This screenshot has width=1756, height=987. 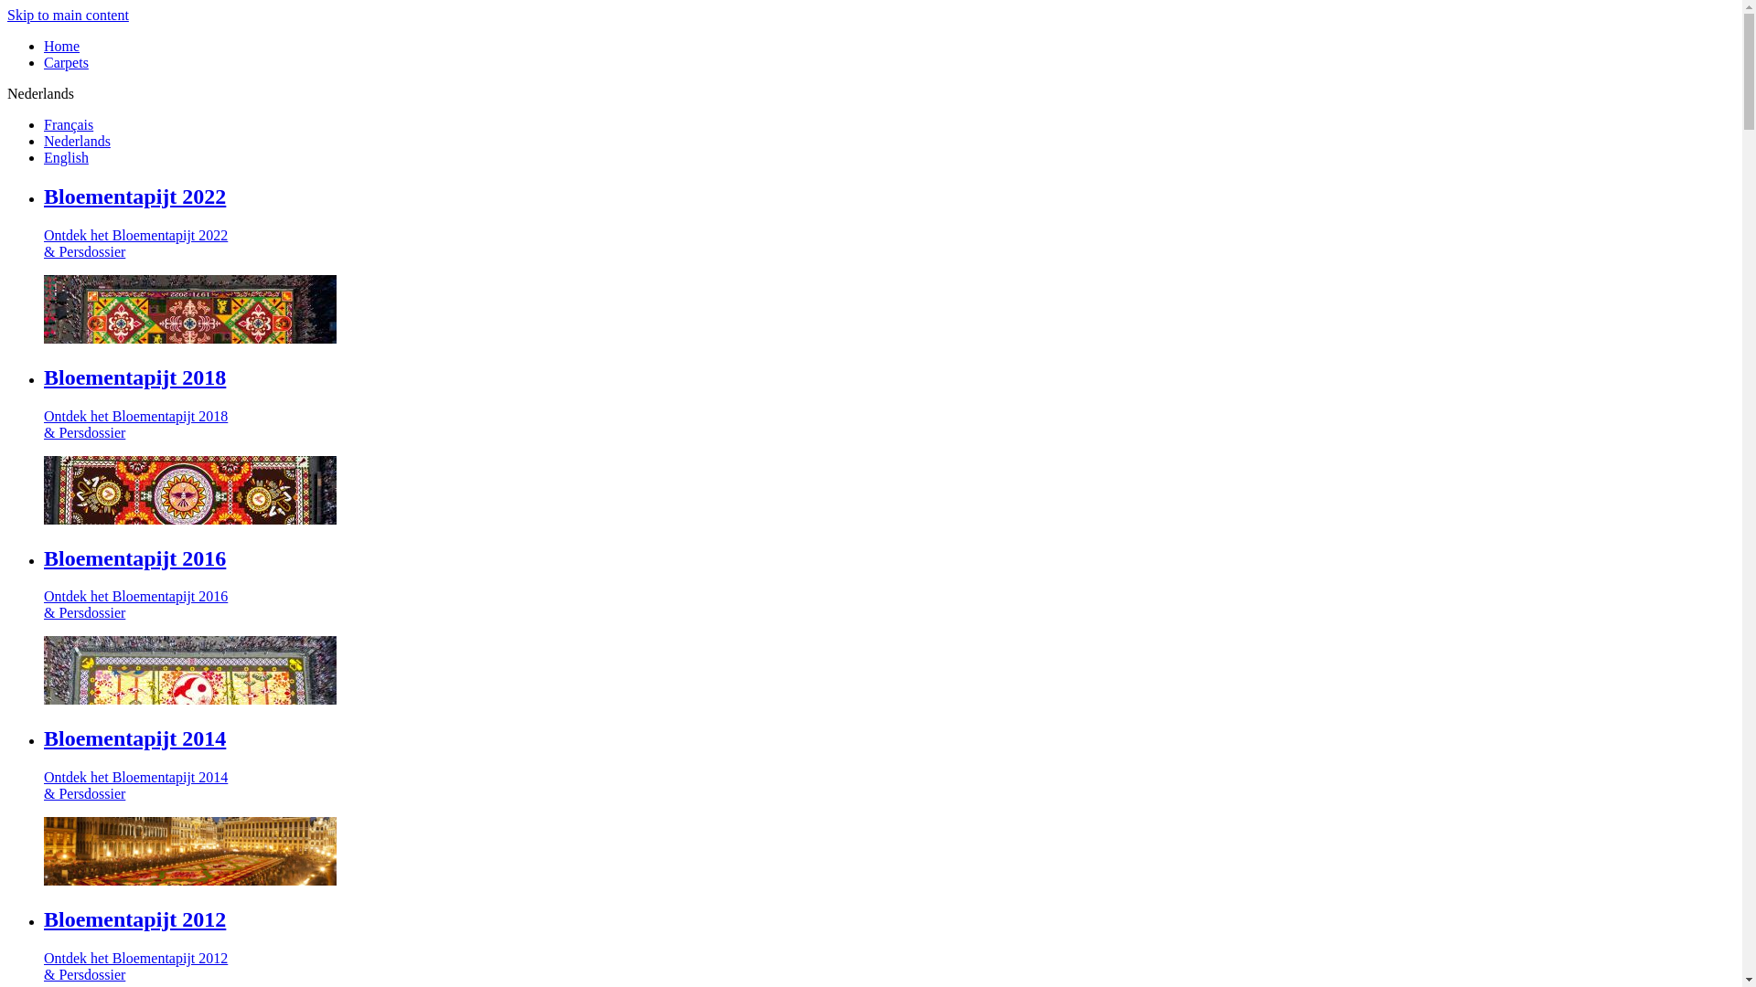 What do you see at coordinates (68, 15) in the screenshot?
I see `'Skip to main content'` at bounding box center [68, 15].